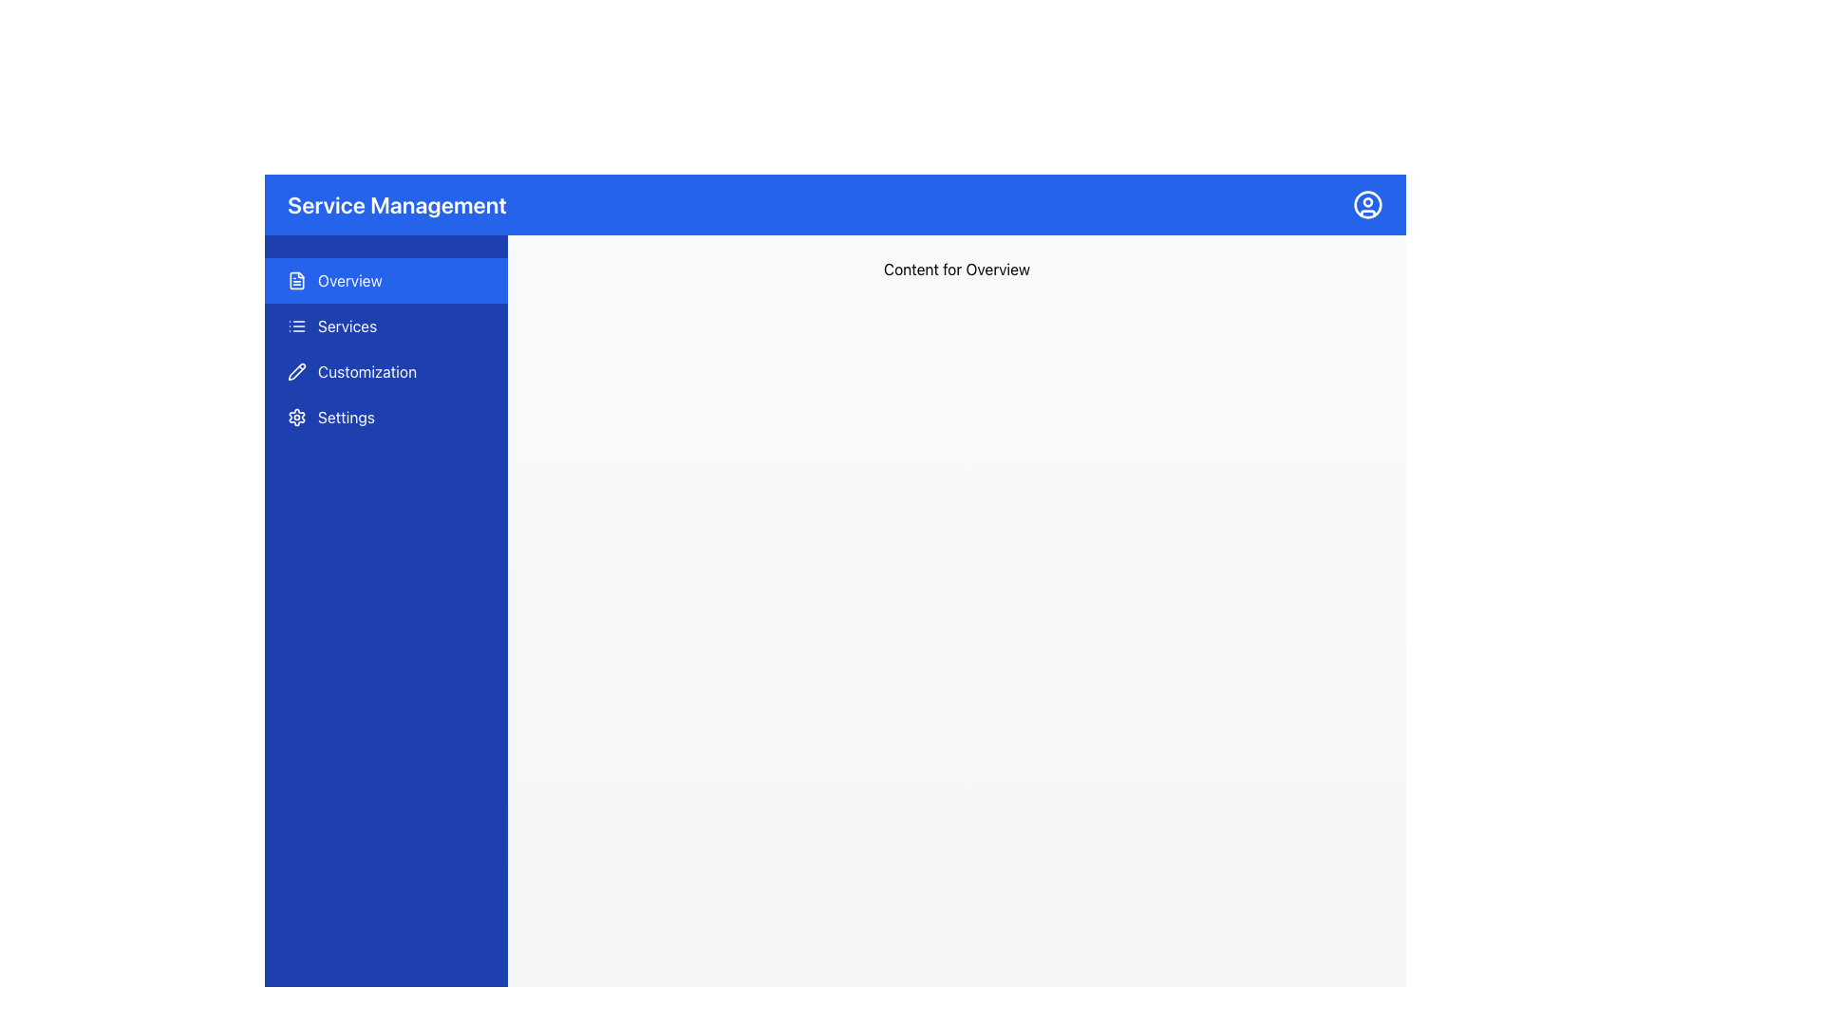 The width and height of the screenshot is (1823, 1025). What do you see at coordinates (295, 325) in the screenshot?
I see `the appearance of the vertically oriented icon resembling a bulleted list, located to the left of the text 'Services' in the vertical navigation menu` at bounding box center [295, 325].